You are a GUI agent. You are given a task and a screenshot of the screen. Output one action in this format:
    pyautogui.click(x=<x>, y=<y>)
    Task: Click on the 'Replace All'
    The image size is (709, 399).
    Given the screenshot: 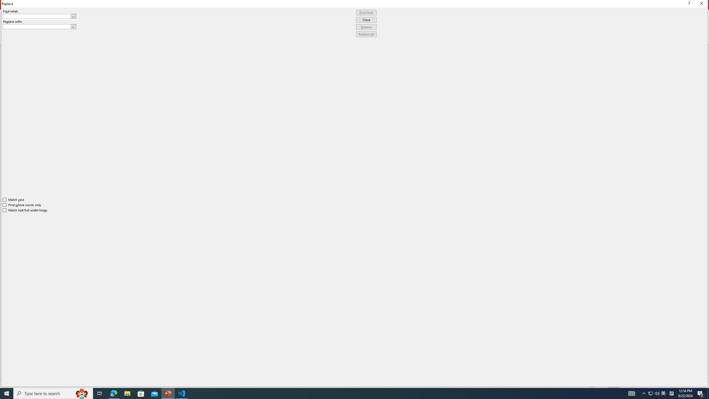 What is the action you would take?
    pyautogui.click(x=366, y=34)
    